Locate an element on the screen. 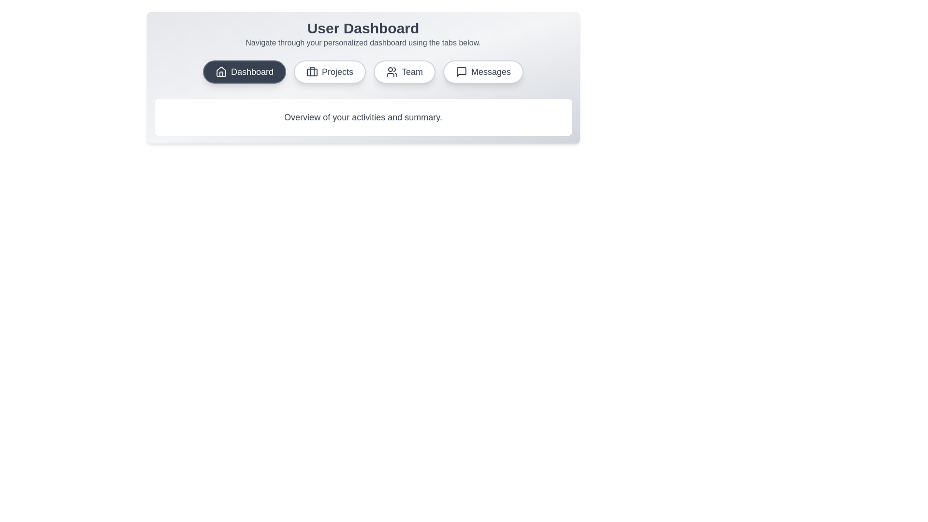 Image resolution: width=928 pixels, height=522 pixels. the tab labeled Team to observe the visual effect is located at coordinates (404, 72).